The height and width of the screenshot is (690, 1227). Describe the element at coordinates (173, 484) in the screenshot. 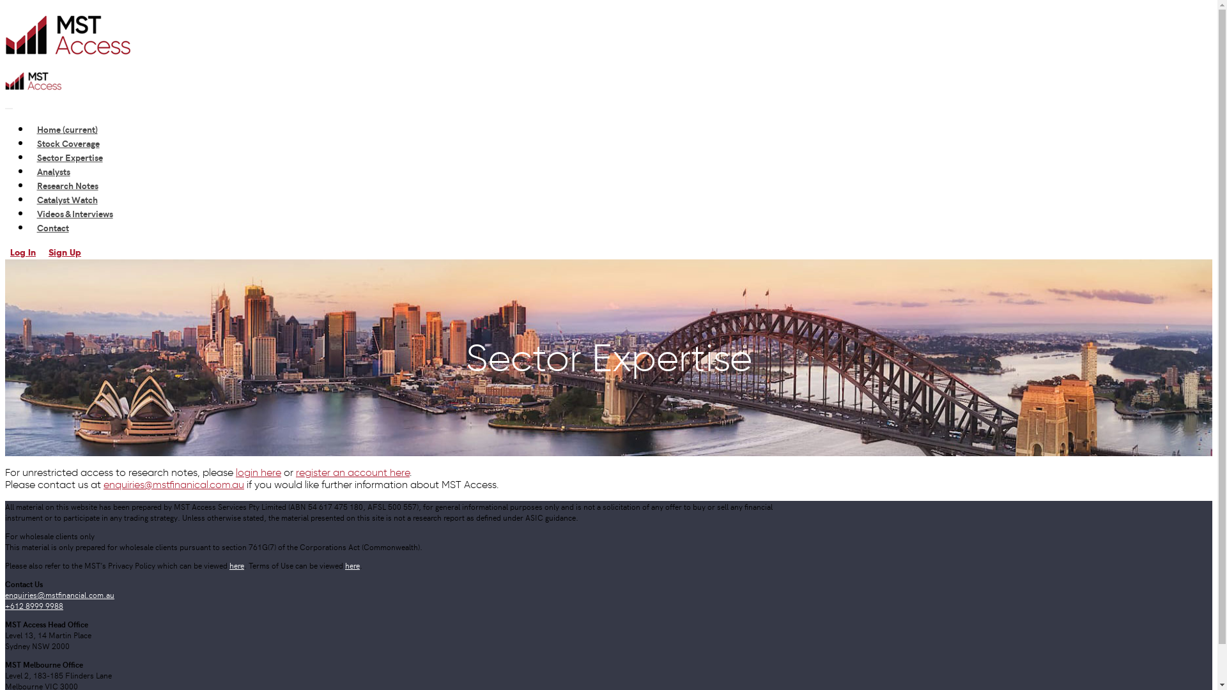

I see `'enquiries@mstfinanical.com.au'` at that location.